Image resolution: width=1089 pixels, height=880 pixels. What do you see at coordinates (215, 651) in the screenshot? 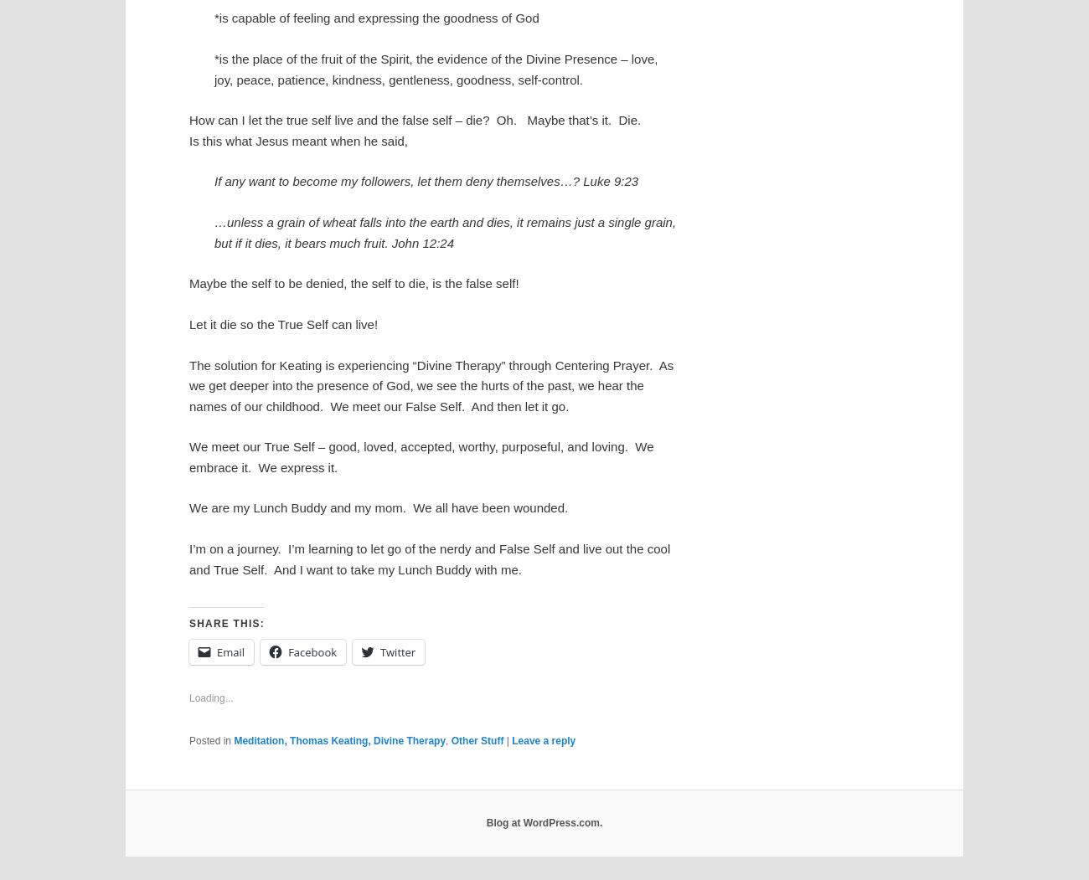
I see `'Email'` at bounding box center [215, 651].